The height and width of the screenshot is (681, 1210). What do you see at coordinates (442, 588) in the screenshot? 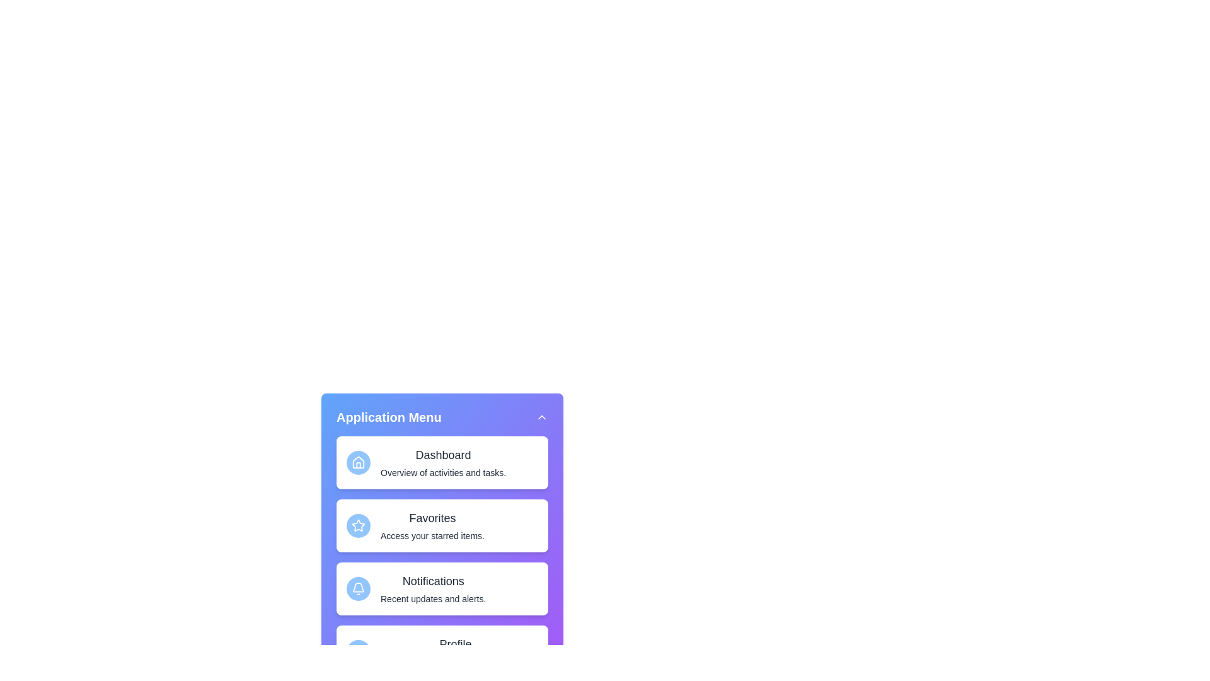
I see `the menu item Notifications` at bounding box center [442, 588].